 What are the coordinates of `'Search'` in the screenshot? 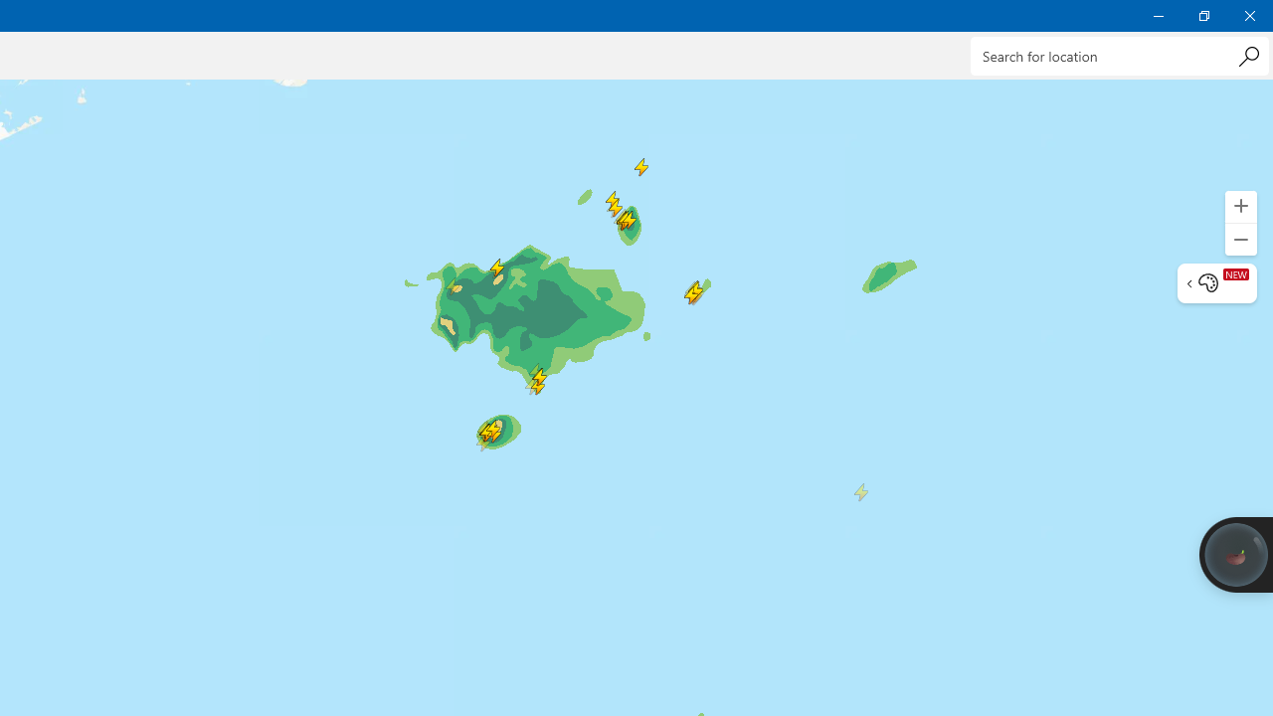 It's located at (1247, 55).